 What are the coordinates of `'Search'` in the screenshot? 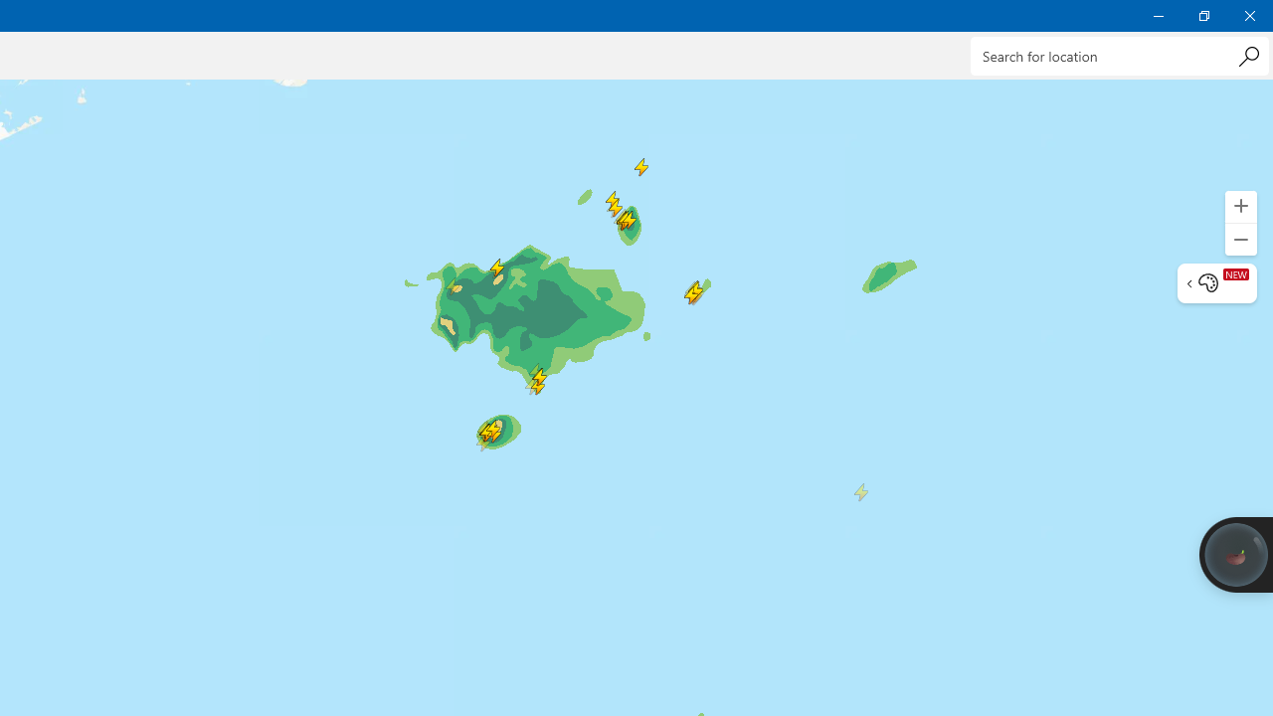 It's located at (1247, 55).